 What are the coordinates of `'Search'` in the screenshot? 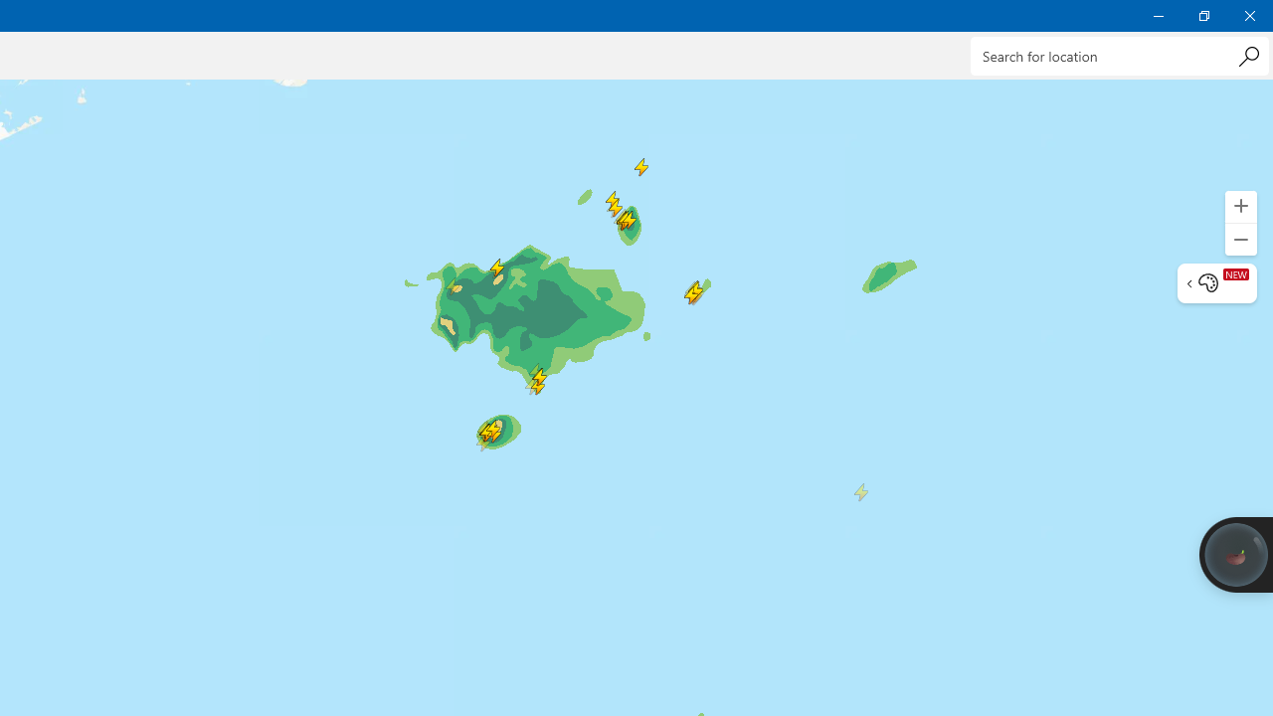 It's located at (1247, 55).